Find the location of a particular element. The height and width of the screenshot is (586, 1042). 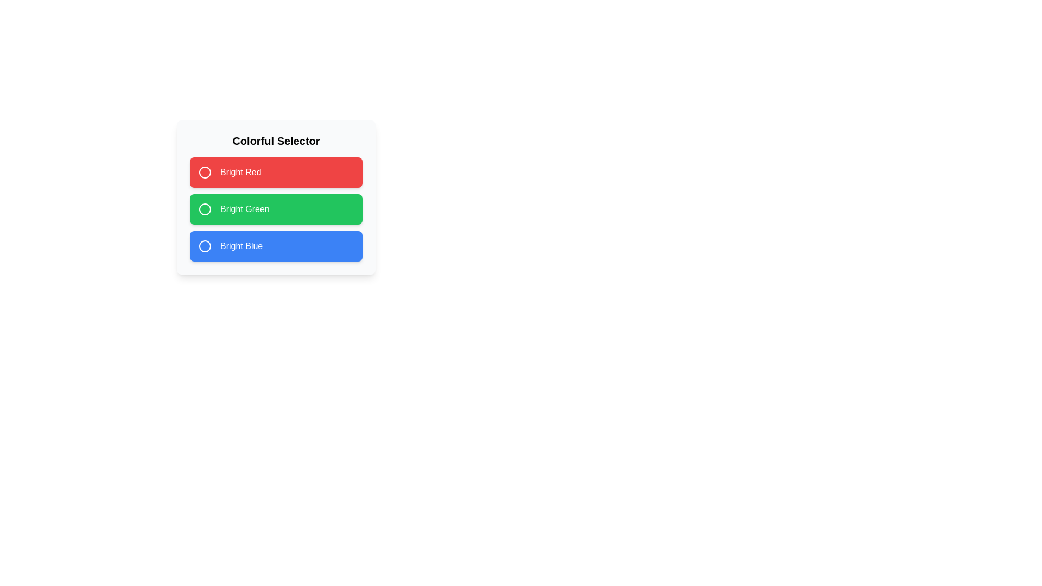

the green button labeled 'Bright Green' with a circular check icon, located under the 'Colorful Selector' heading is located at coordinates (276, 197).